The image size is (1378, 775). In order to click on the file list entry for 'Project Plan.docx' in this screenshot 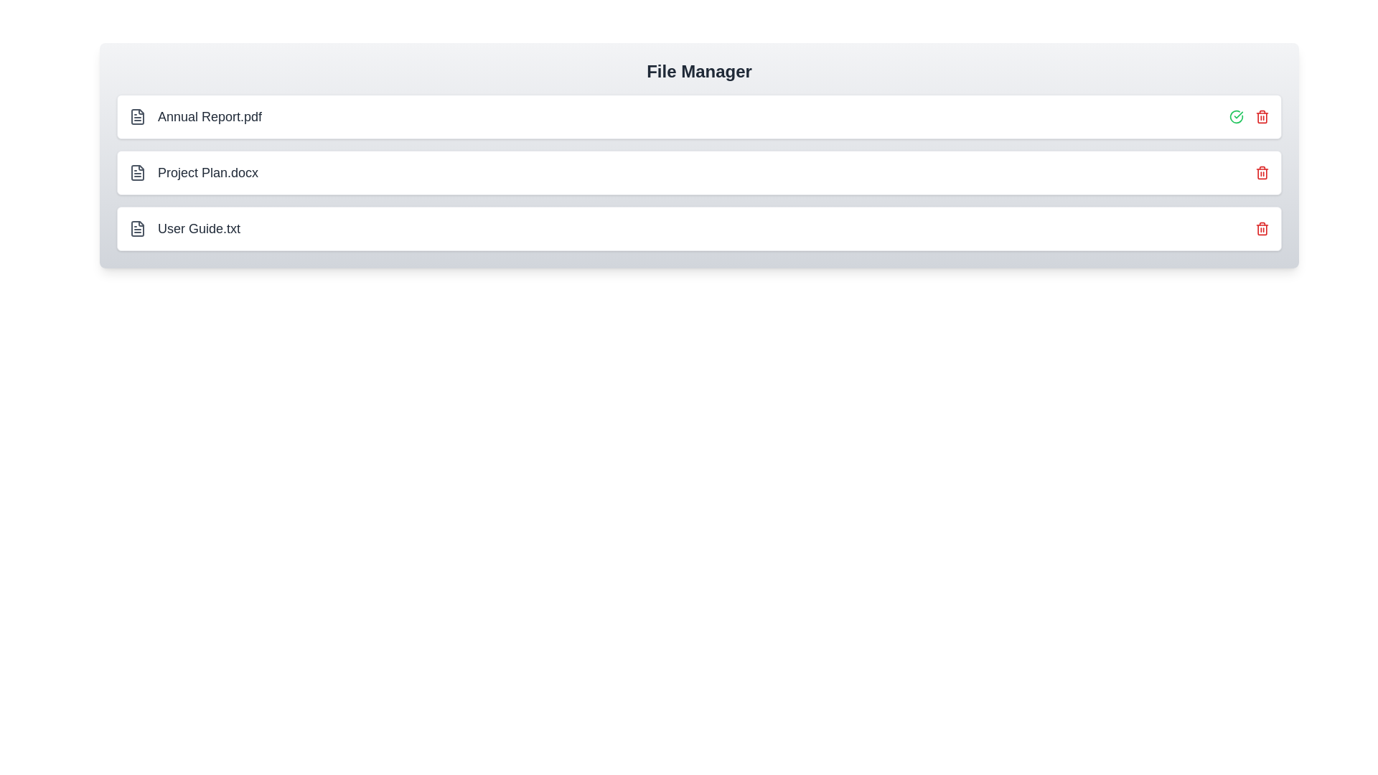, I will do `click(192, 172)`.